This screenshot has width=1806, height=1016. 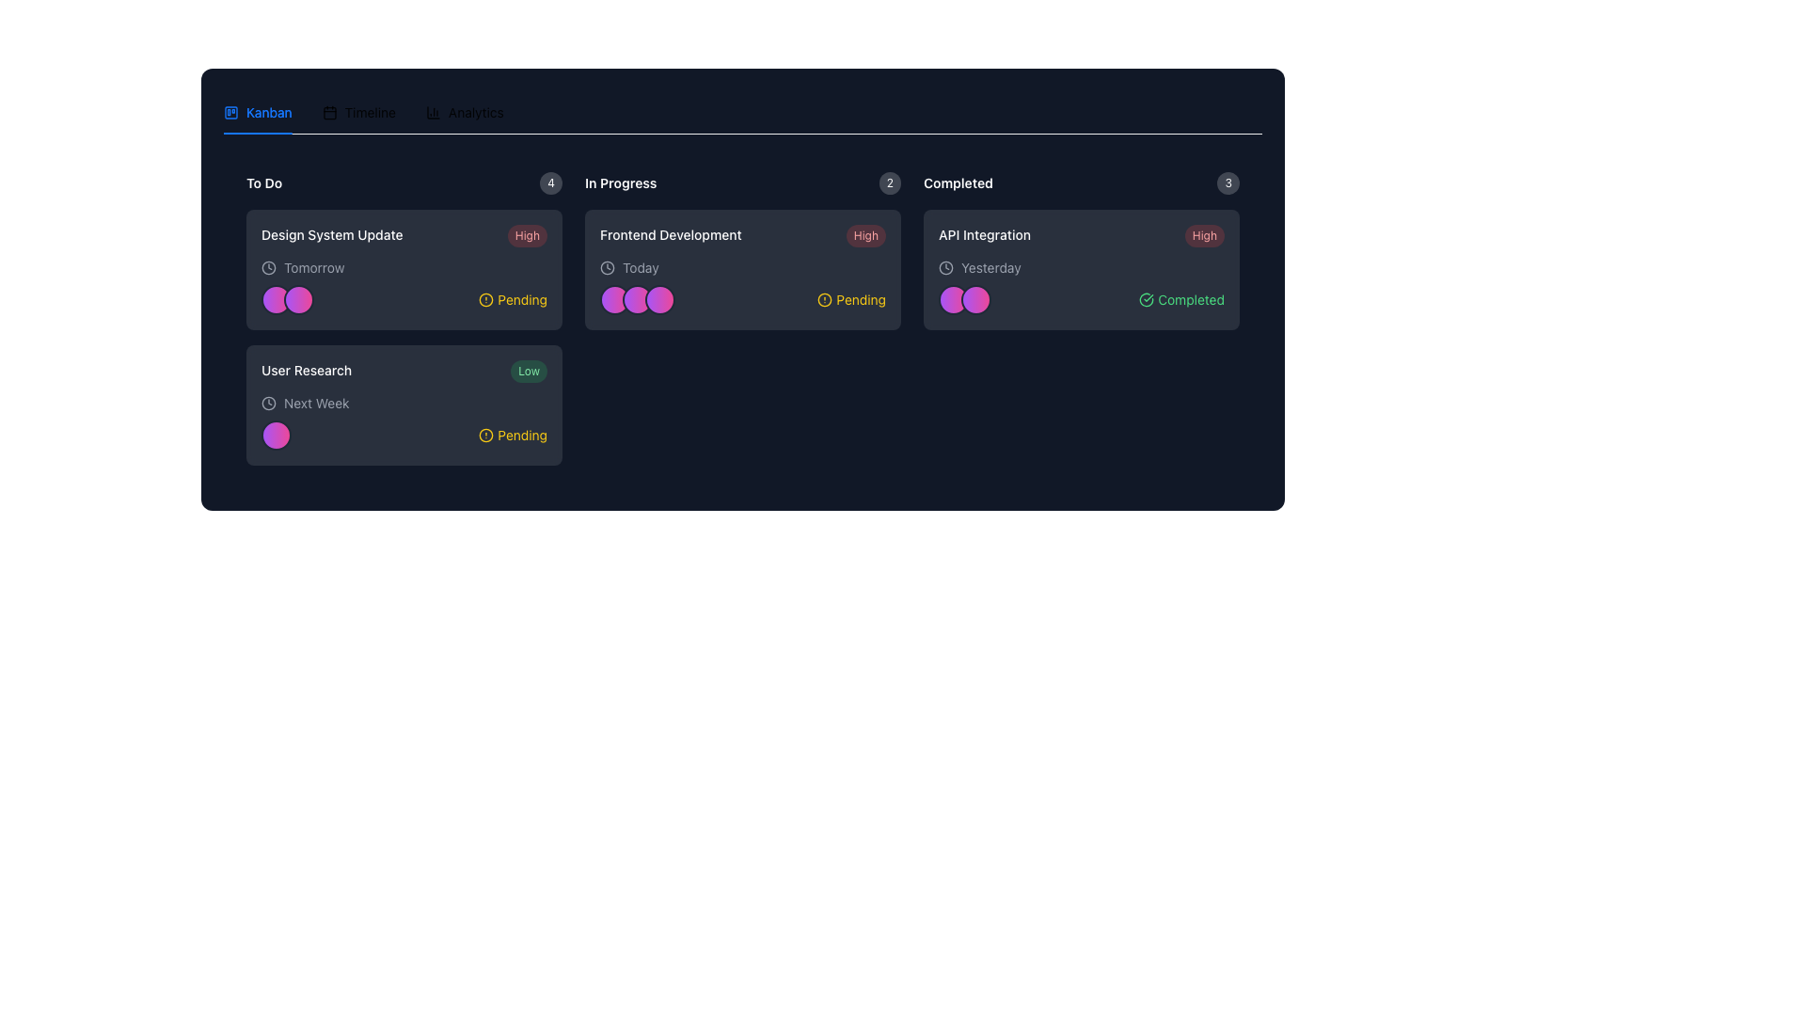 What do you see at coordinates (637, 299) in the screenshot?
I see `the circular avatar with a gradient fill from purple to pink, located in the middle of three similar avatars in the 'In Progress' section under 'Frontend Development'` at bounding box center [637, 299].